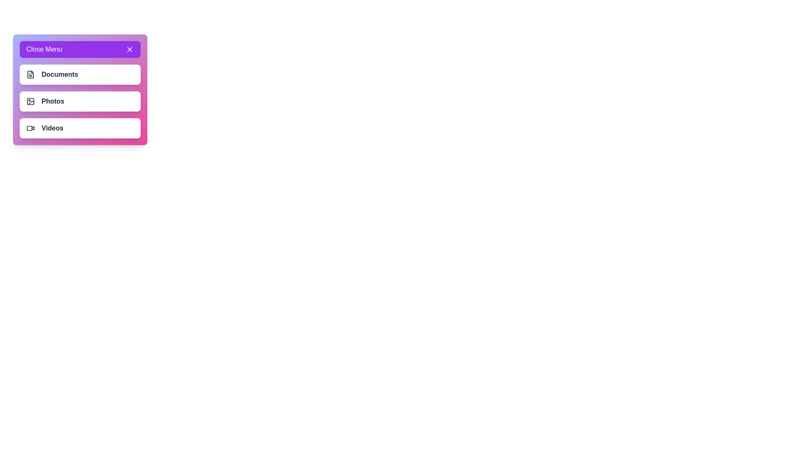 The image size is (806, 453). Describe the element at coordinates (30, 128) in the screenshot. I see `the menu item Videos` at that location.